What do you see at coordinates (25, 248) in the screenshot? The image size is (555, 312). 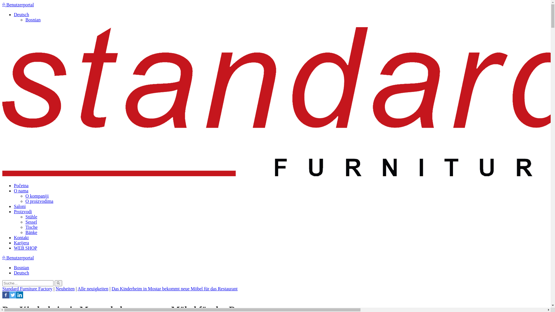 I see `'WEB SHOP'` at bounding box center [25, 248].